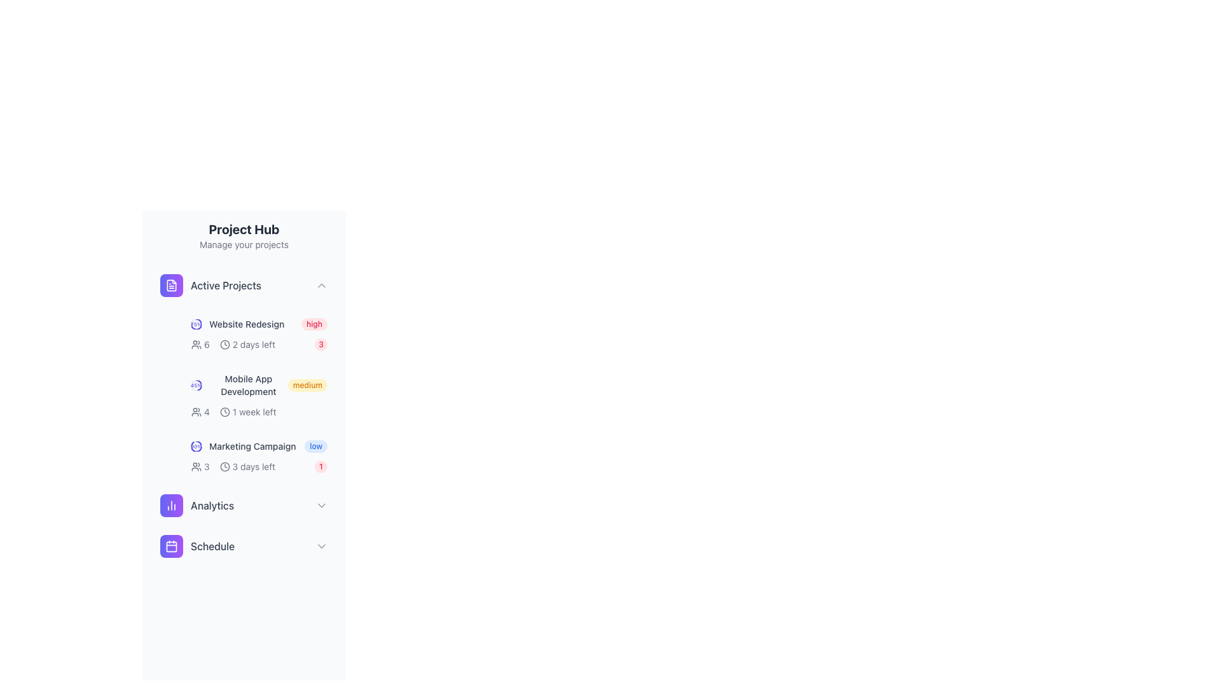  I want to click on the clock icon representing time or deadline for the 'Mobile App Development' project, located left of the text '1 week left', so click(224, 412).